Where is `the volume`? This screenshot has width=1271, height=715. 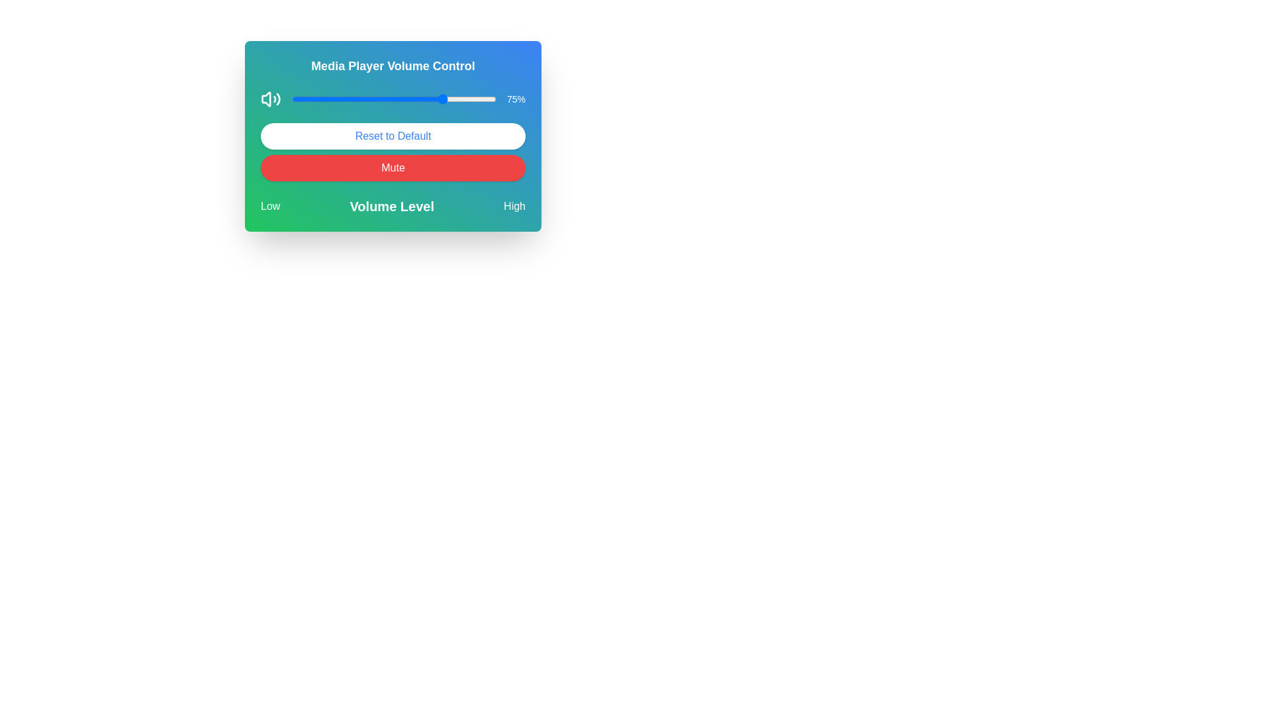
the volume is located at coordinates (295, 99).